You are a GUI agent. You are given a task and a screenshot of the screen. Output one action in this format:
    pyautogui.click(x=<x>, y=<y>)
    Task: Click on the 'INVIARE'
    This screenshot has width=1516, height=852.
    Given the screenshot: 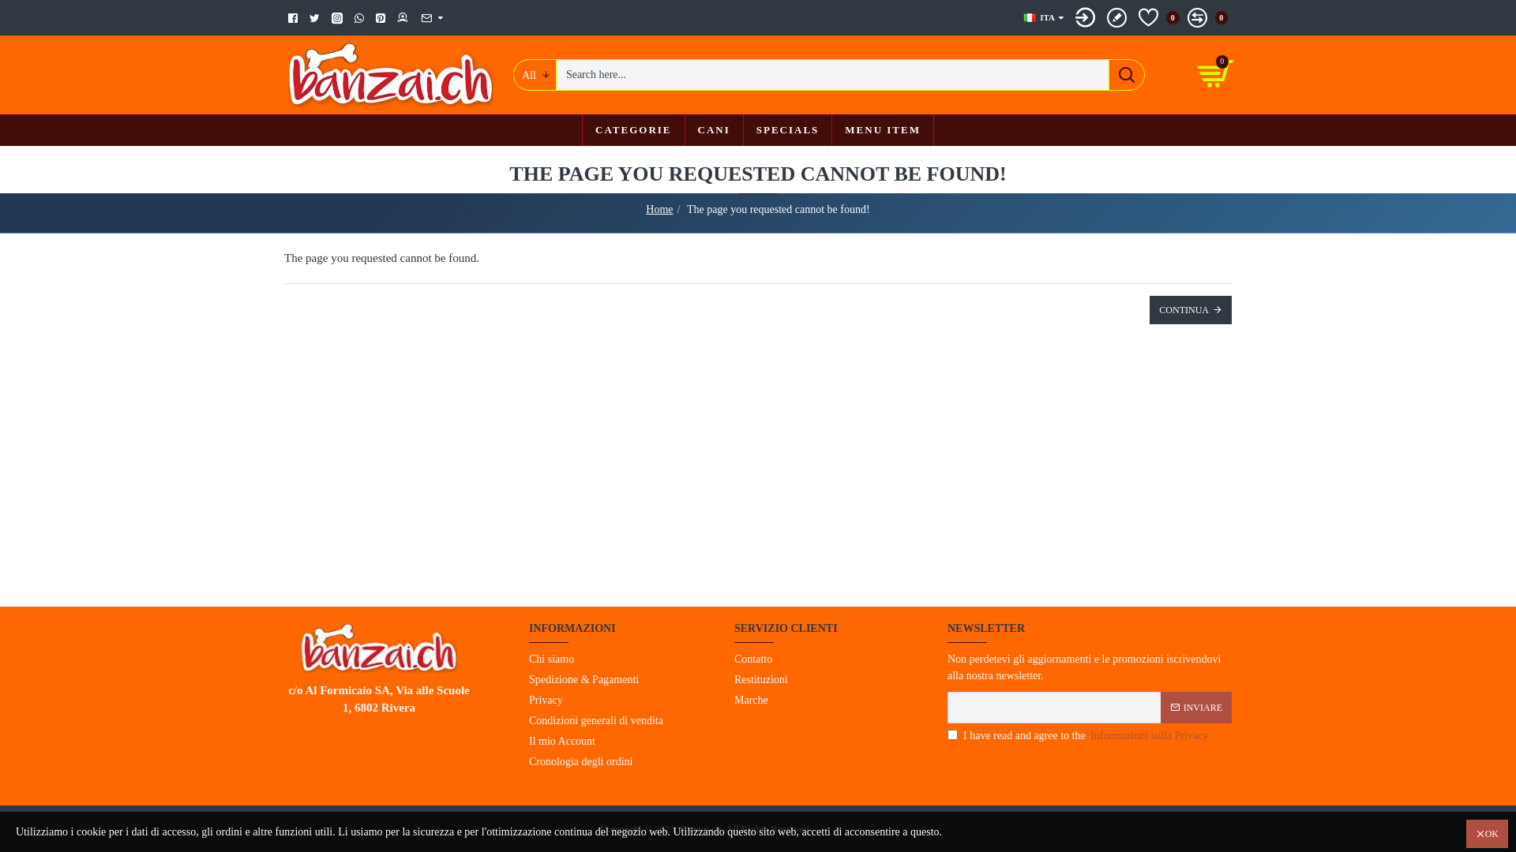 What is the action you would take?
    pyautogui.click(x=1196, y=705)
    